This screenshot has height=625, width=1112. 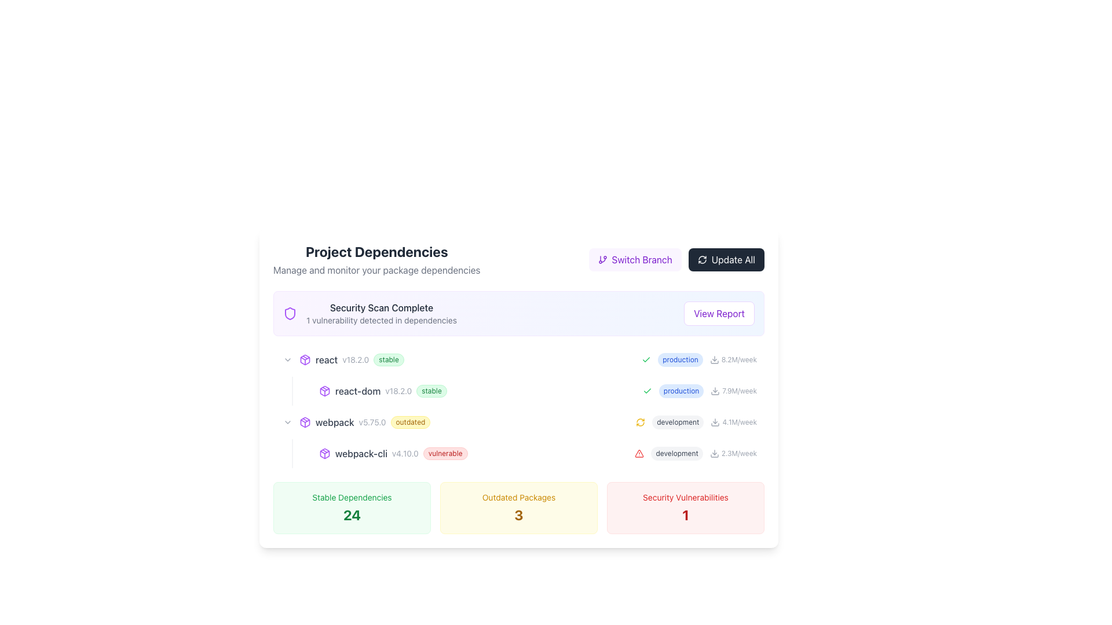 What do you see at coordinates (699, 391) in the screenshot?
I see `'production' label along with its weekly download statistics, which is represented by a green checkmark and a download icon located in the bottom-right section of the interface within the 'react-dom' module entry in the 'Project Dependencies' list` at bounding box center [699, 391].